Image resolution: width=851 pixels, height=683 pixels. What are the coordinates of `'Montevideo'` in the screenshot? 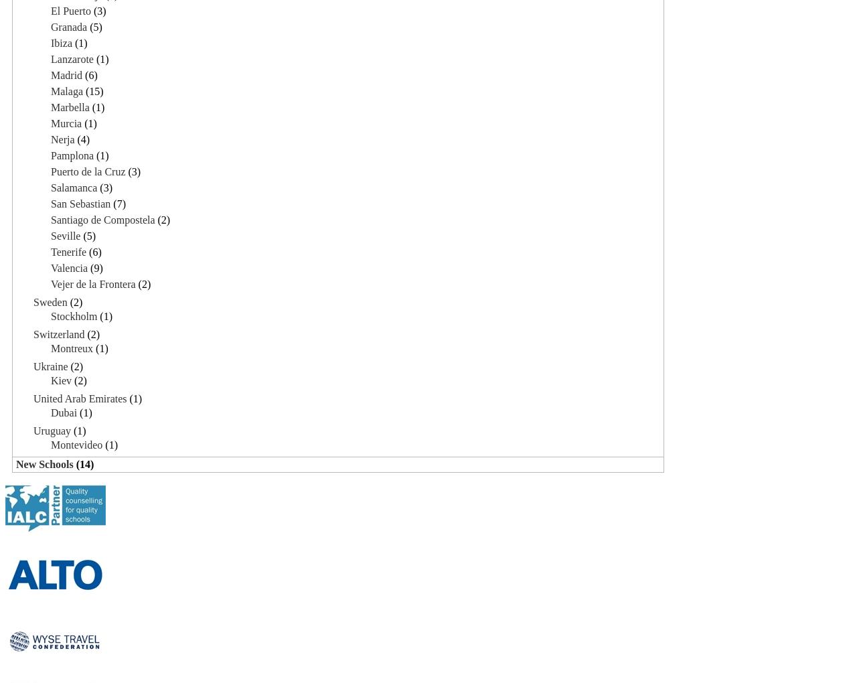 It's located at (51, 444).